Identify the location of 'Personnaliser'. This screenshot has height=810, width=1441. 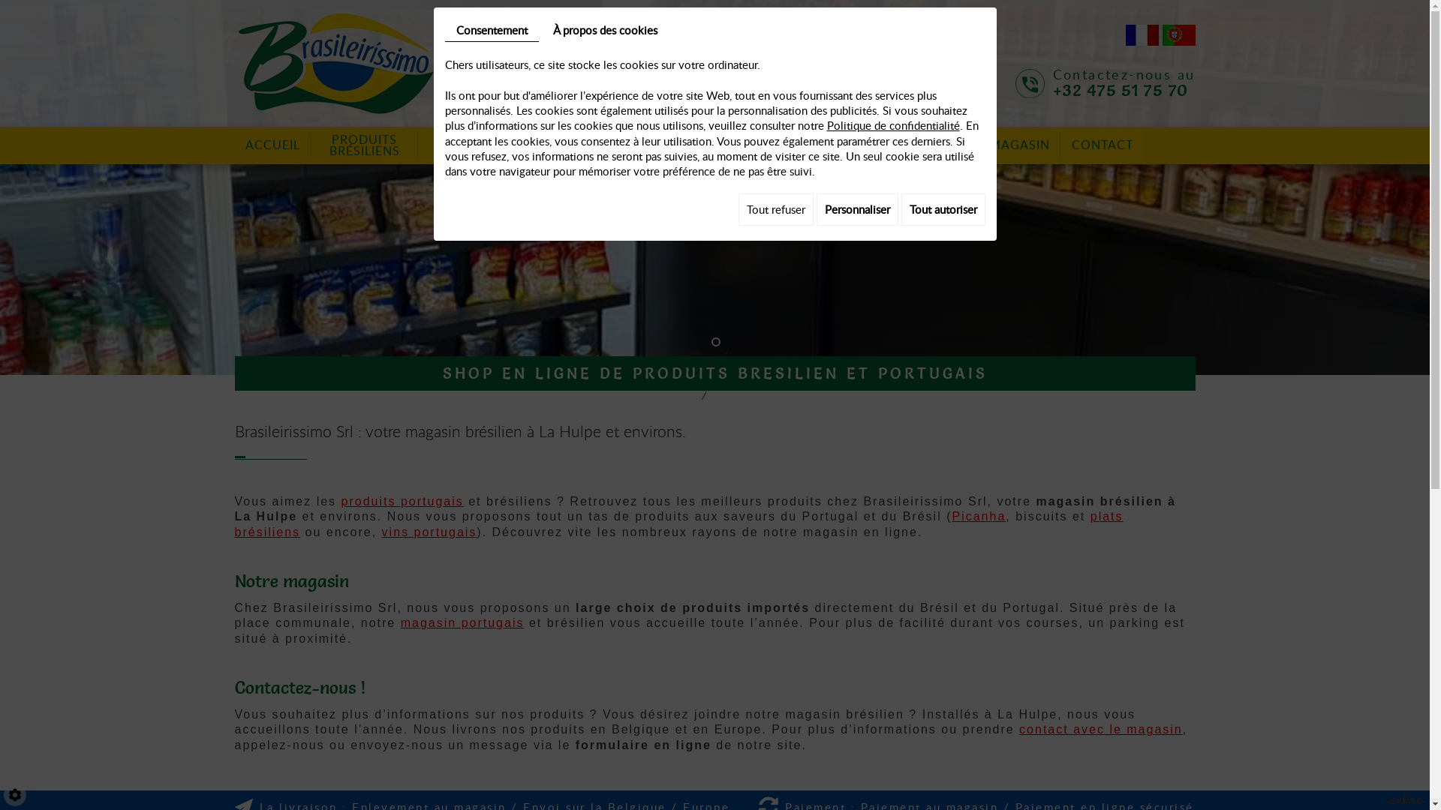
(857, 208).